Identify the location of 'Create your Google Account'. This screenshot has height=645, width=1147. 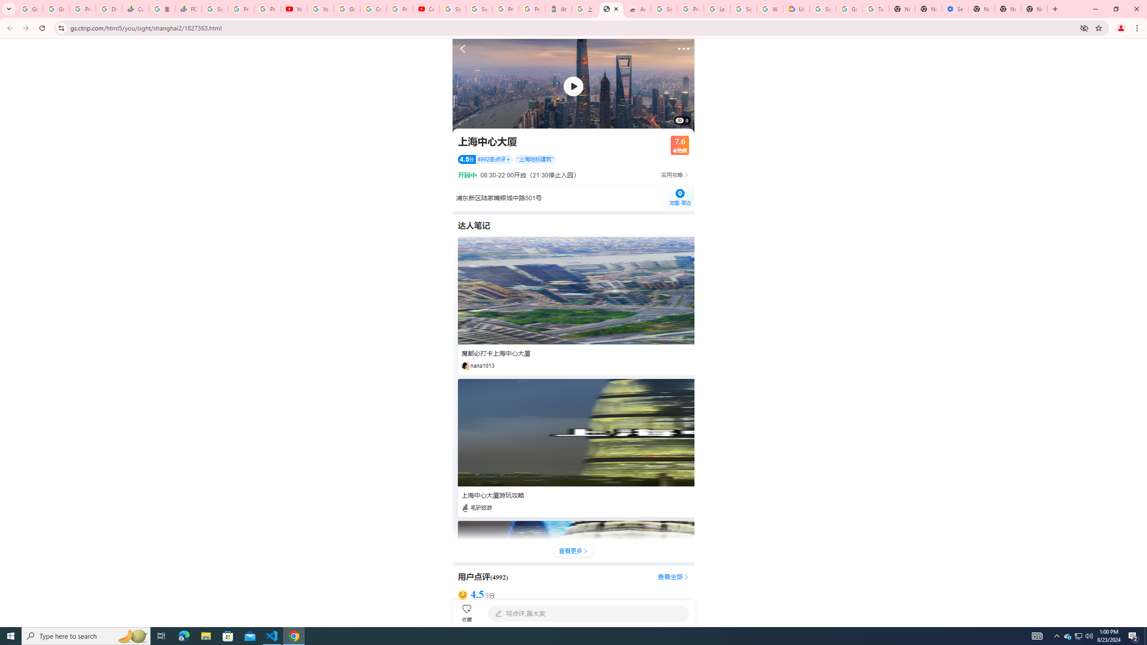
(373, 9).